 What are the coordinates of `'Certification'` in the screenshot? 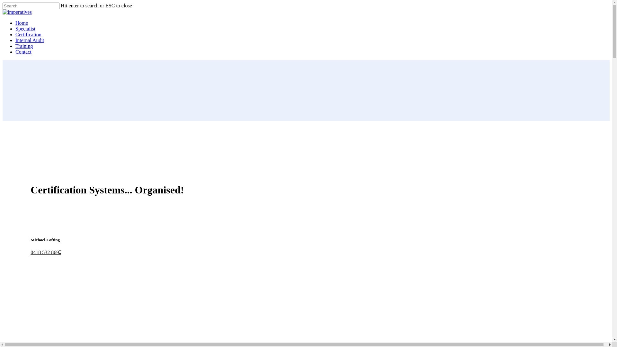 It's located at (28, 34).